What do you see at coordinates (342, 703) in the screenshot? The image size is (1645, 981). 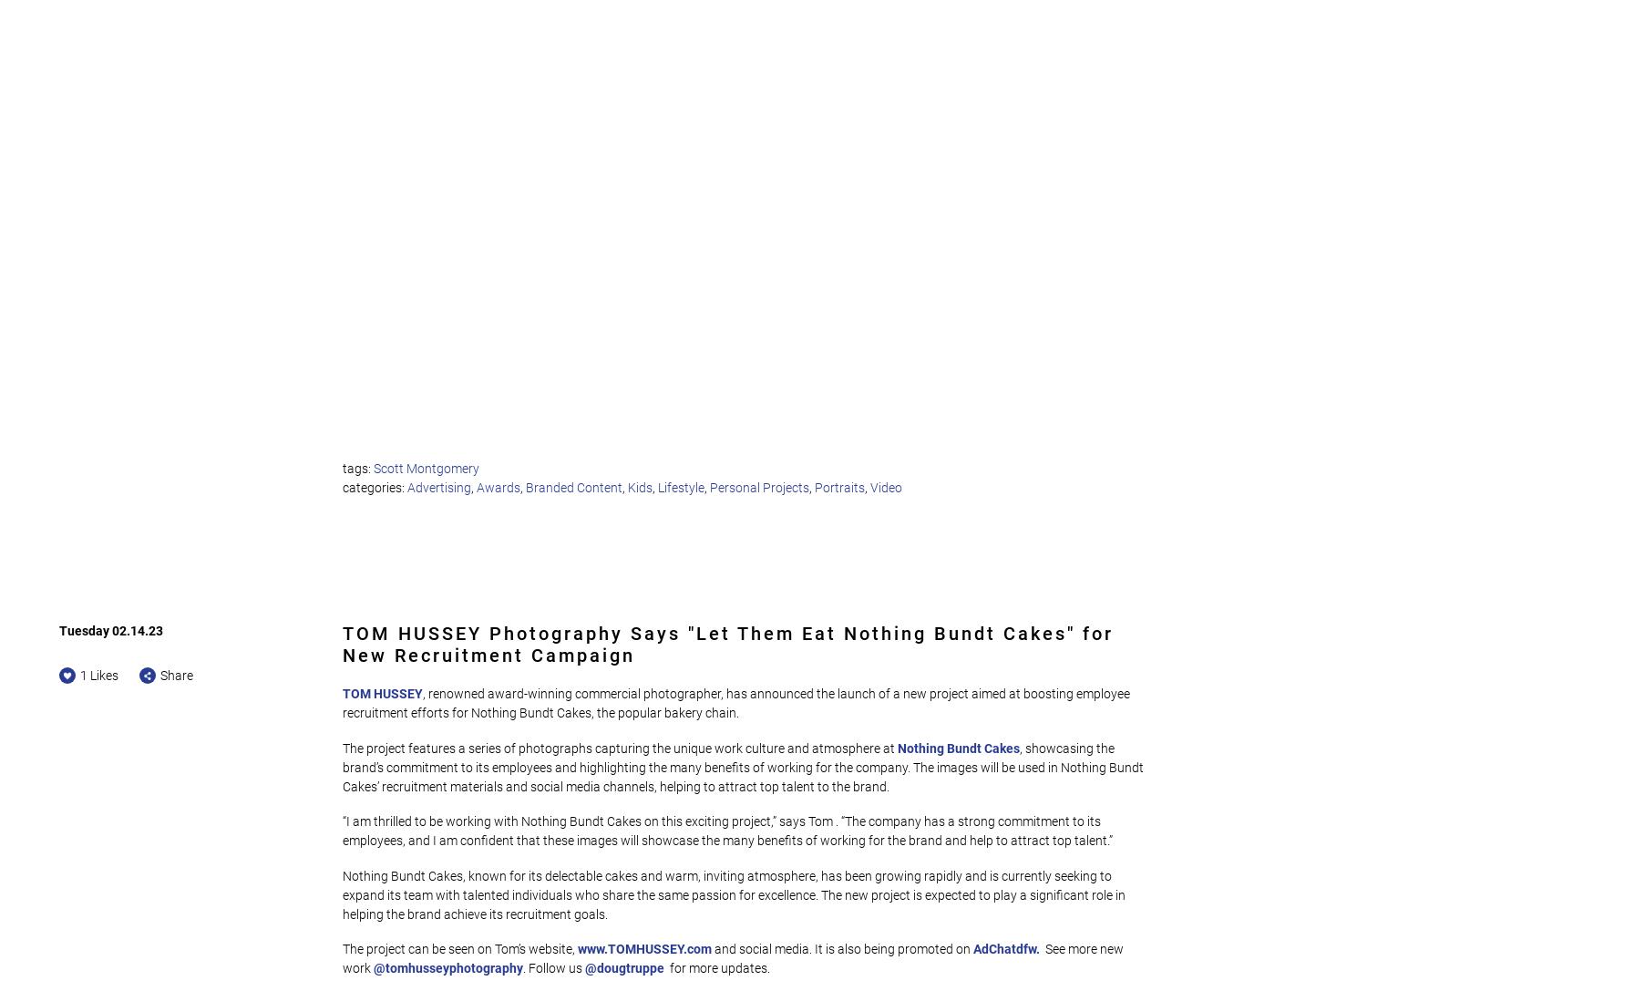 I see `', renowned award-winning commercial photographer, has announced the launch of a new project aimed at boosting employee recruitment efforts for Nothing Bundt Cakes, the popular bakery chain.'` at bounding box center [342, 703].